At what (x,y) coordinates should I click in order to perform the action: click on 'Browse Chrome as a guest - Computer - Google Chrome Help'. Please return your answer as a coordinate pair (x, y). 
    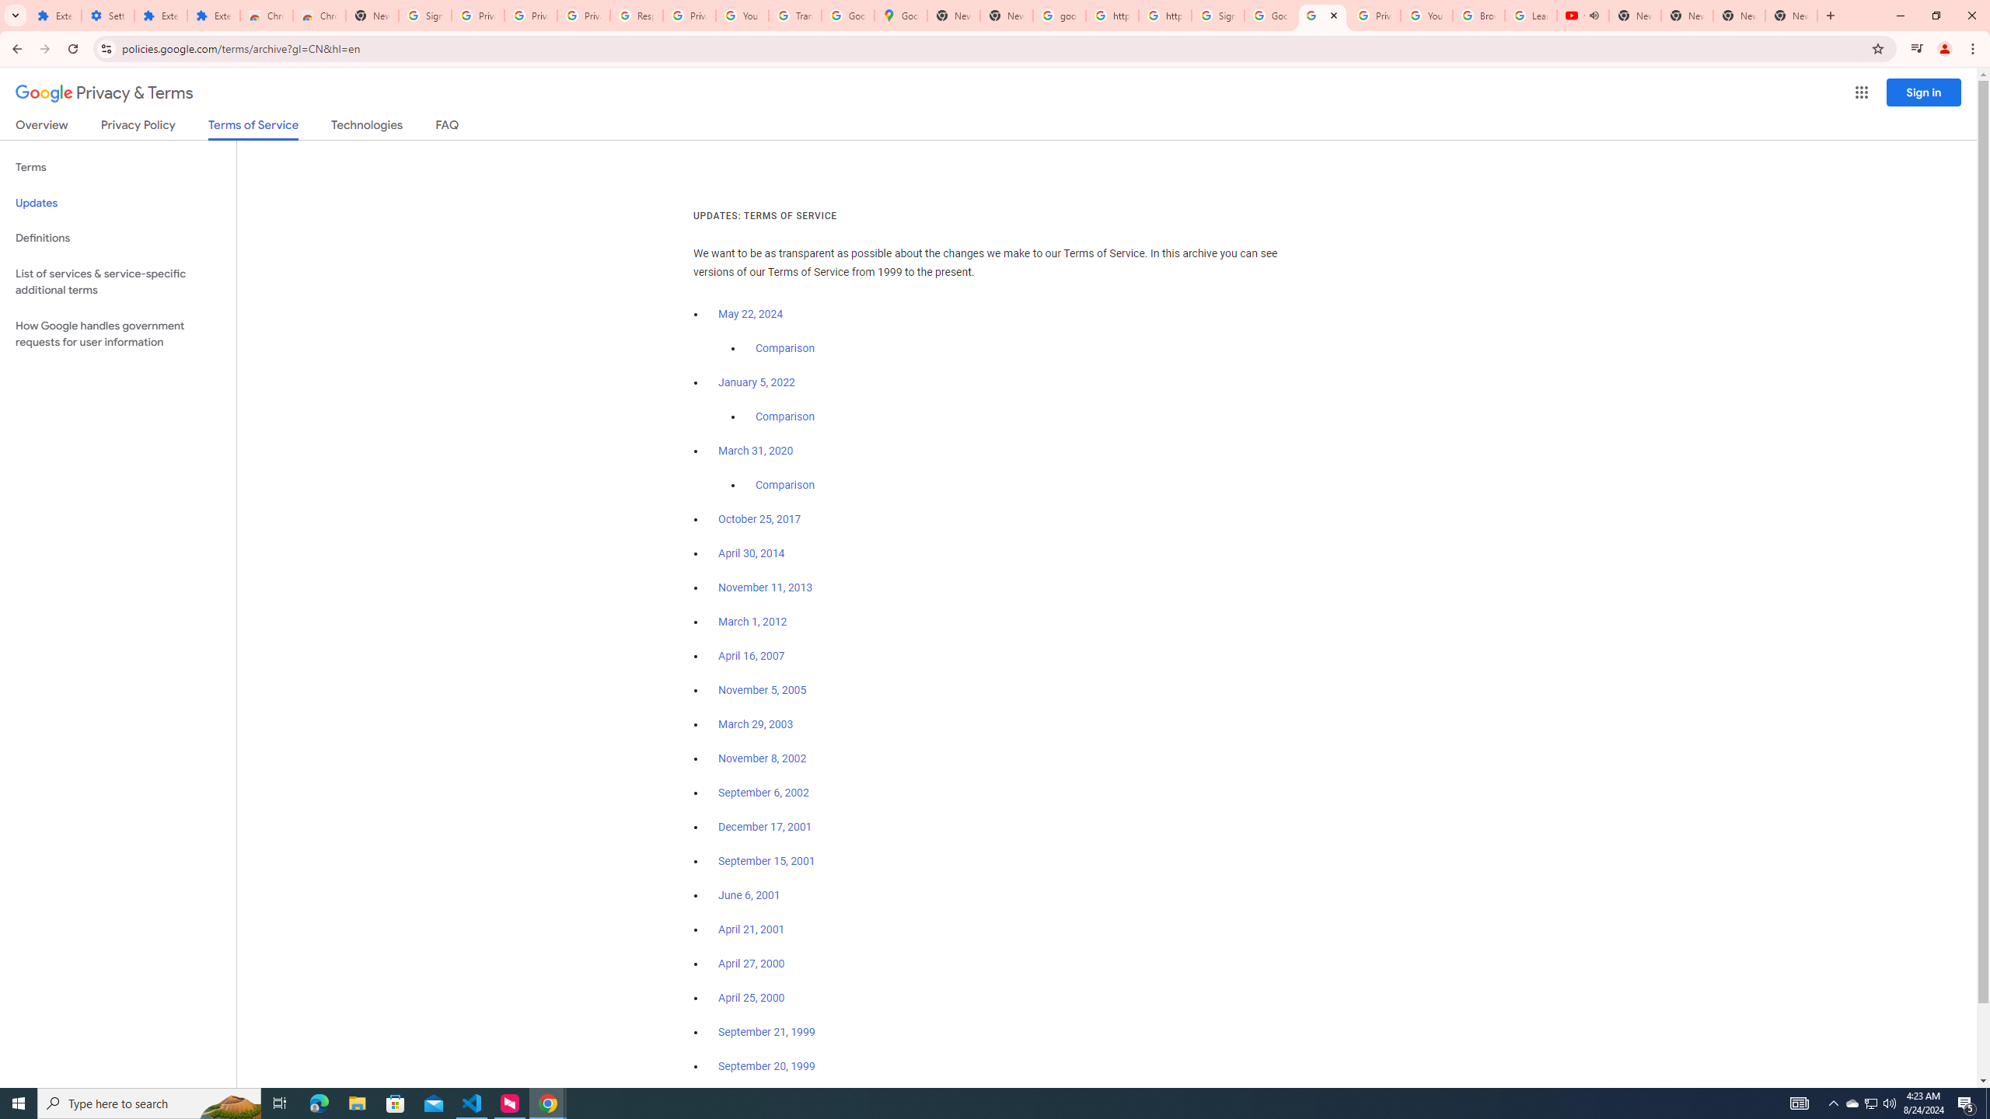
    Looking at the image, I should click on (1479, 15).